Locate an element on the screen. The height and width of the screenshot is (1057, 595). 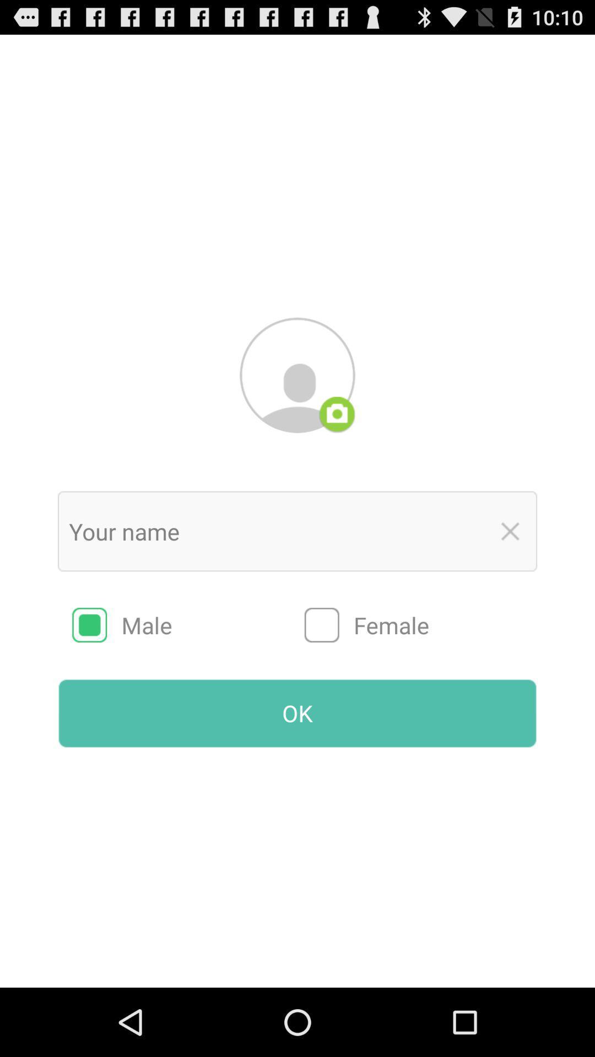
the female item is located at coordinates (420, 625).